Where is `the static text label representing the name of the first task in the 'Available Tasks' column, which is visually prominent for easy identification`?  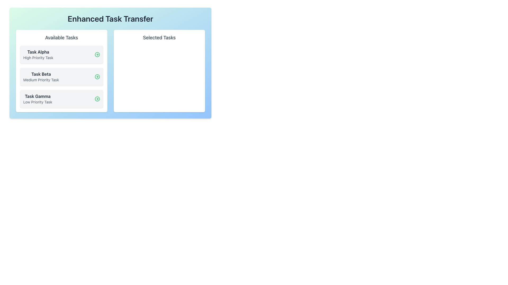
the static text label representing the name of the first task in the 'Available Tasks' column, which is visually prominent for easy identification is located at coordinates (38, 52).